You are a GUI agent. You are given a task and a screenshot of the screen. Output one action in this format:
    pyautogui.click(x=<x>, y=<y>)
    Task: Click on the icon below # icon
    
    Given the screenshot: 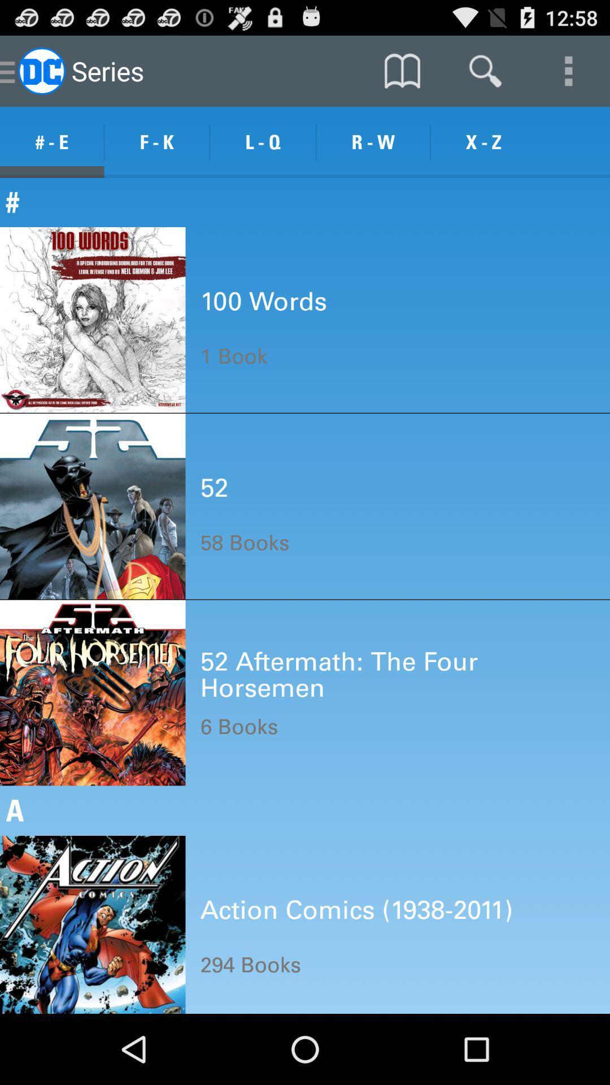 What is the action you would take?
    pyautogui.click(x=263, y=301)
    